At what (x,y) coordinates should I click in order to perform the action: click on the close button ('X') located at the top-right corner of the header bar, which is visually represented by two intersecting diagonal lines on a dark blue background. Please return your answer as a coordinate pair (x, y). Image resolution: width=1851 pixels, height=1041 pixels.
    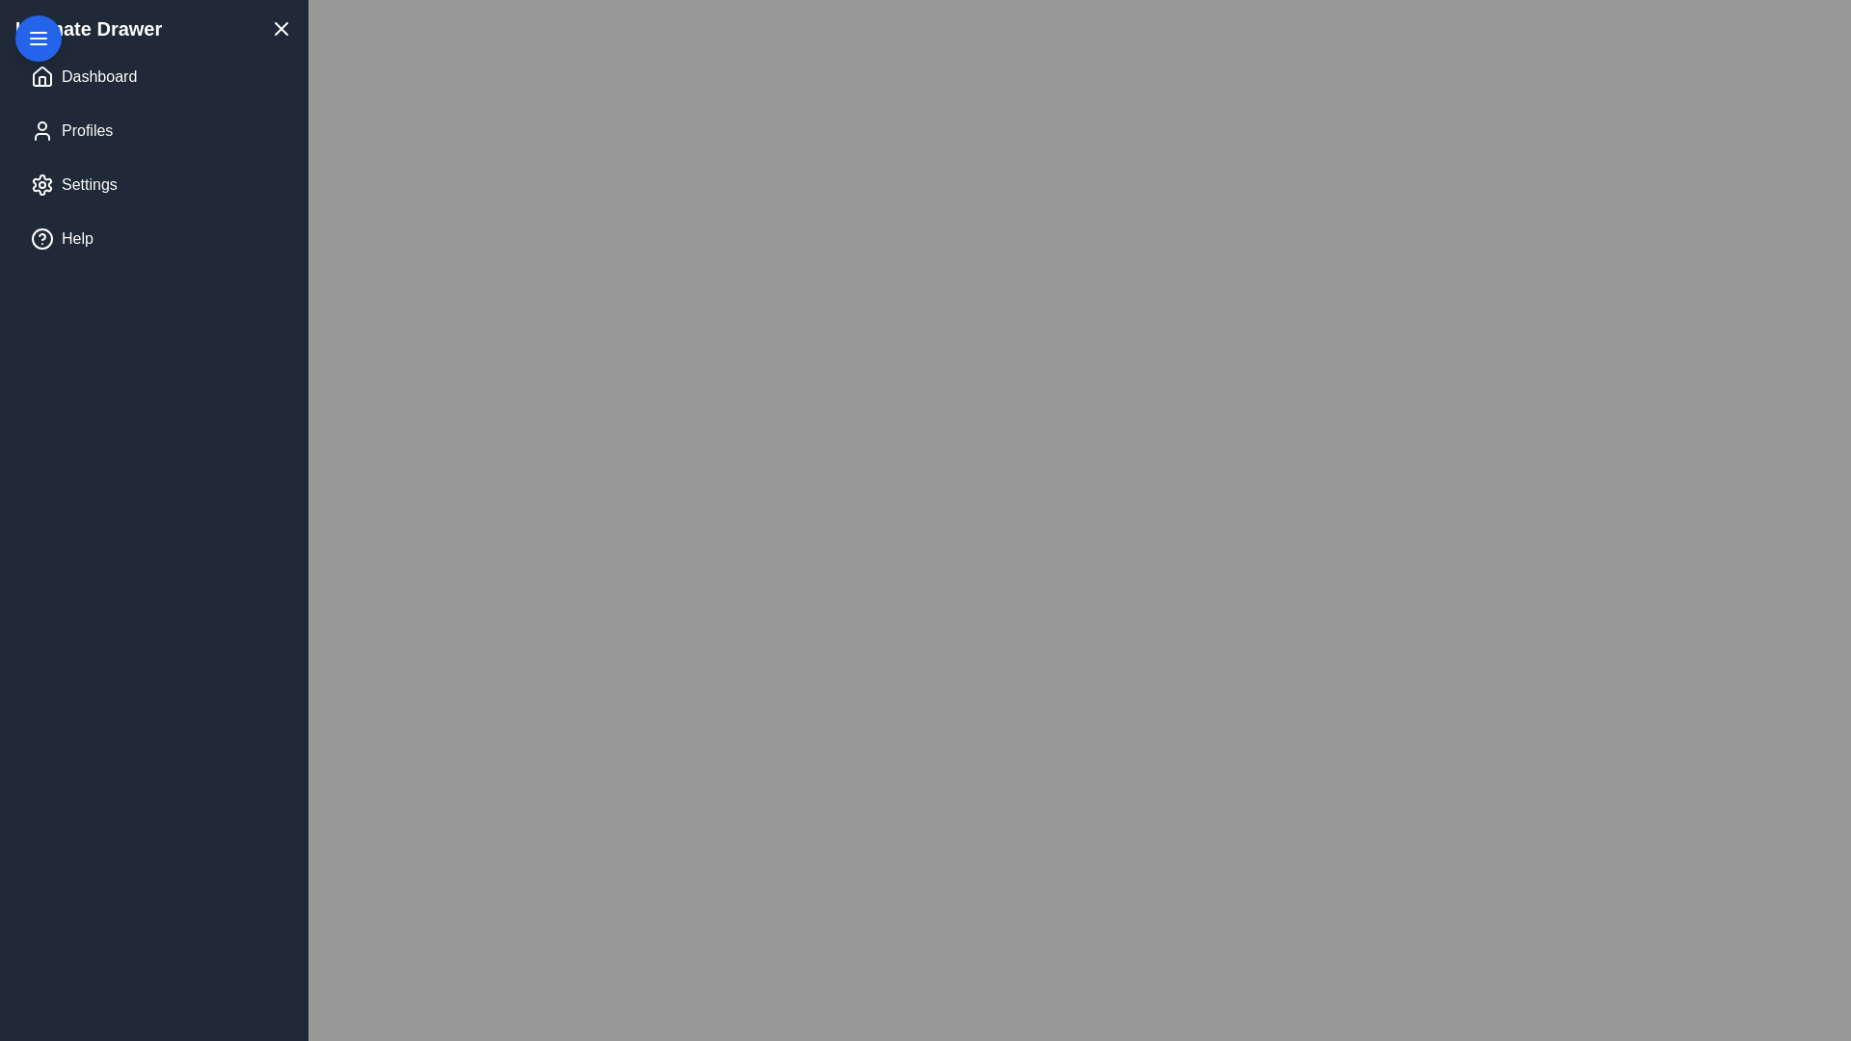
    Looking at the image, I should click on (281, 29).